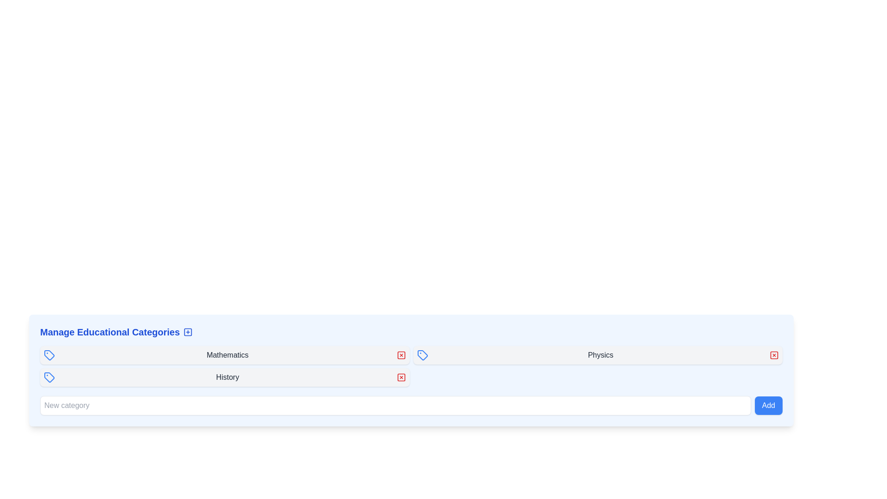 The width and height of the screenshot is (887, 499). What do you see at coordinates (411, 405) in the screenshot?
I see `the 'Add' button located at the bottom right of the 'Manage Educational Categories' section` at bounding box center [411, 405].